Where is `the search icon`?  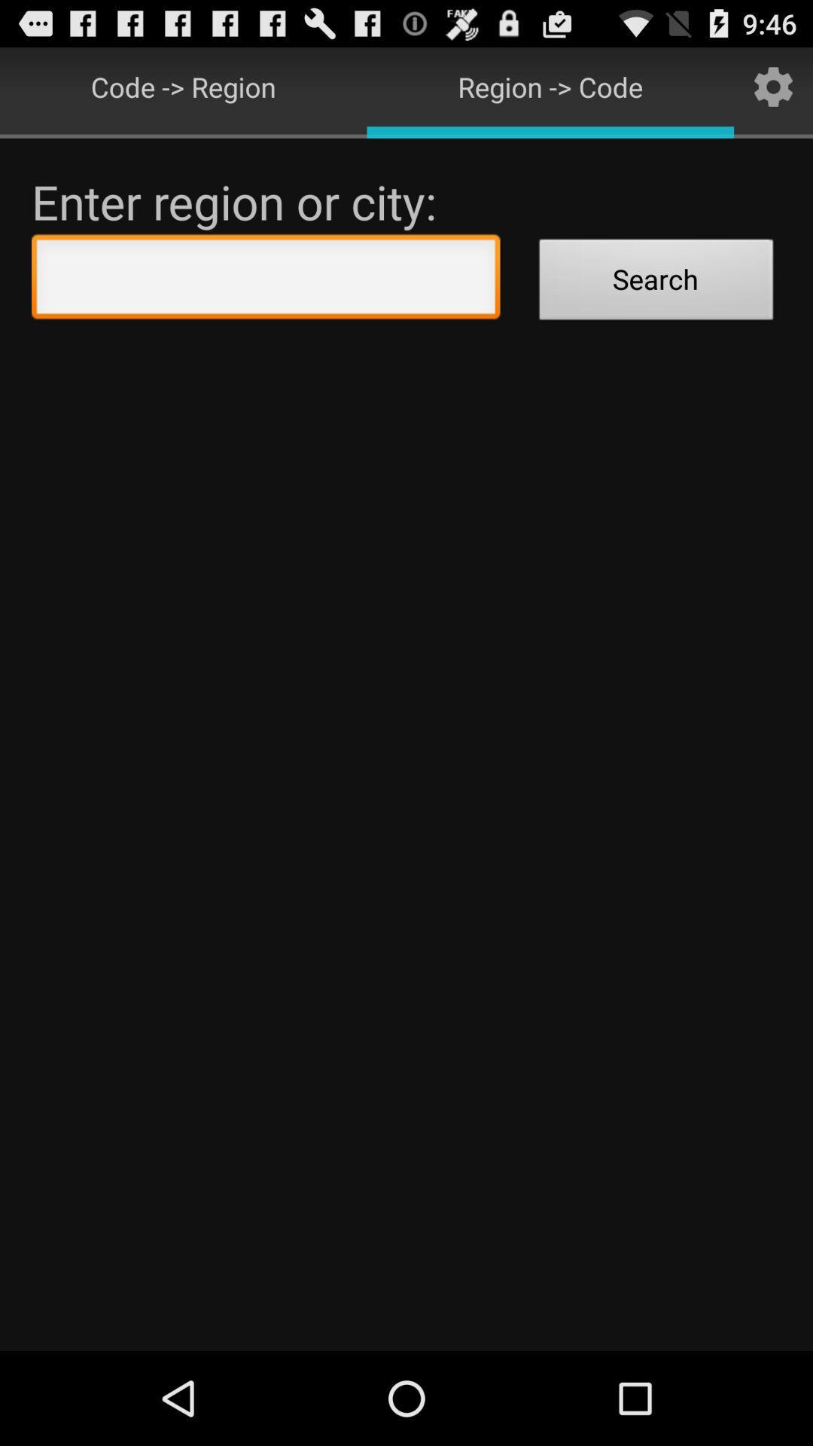 the search icon is located at coordinates (656, 282).